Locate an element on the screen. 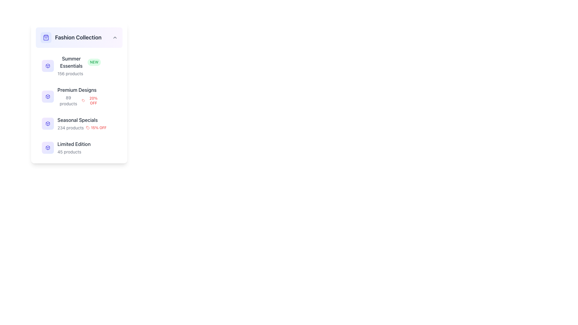 Image resolution: width=578 pixels, height=325 pixels. text of the label styled with a rounded rectangle shape that contains the text 'NEW', located to the immediate right of the 'Summer Essentials' text in the 'Fashion Collection' section is located at coordinates (94, 62).